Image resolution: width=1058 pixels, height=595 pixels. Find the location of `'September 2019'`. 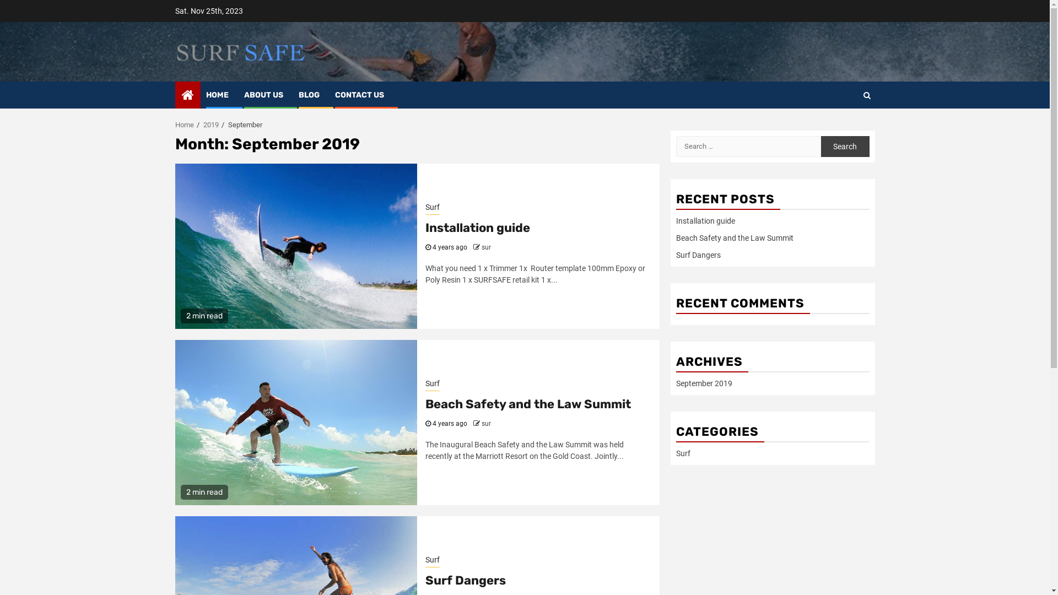

'September 2019' is located at coordinates (674, 382).